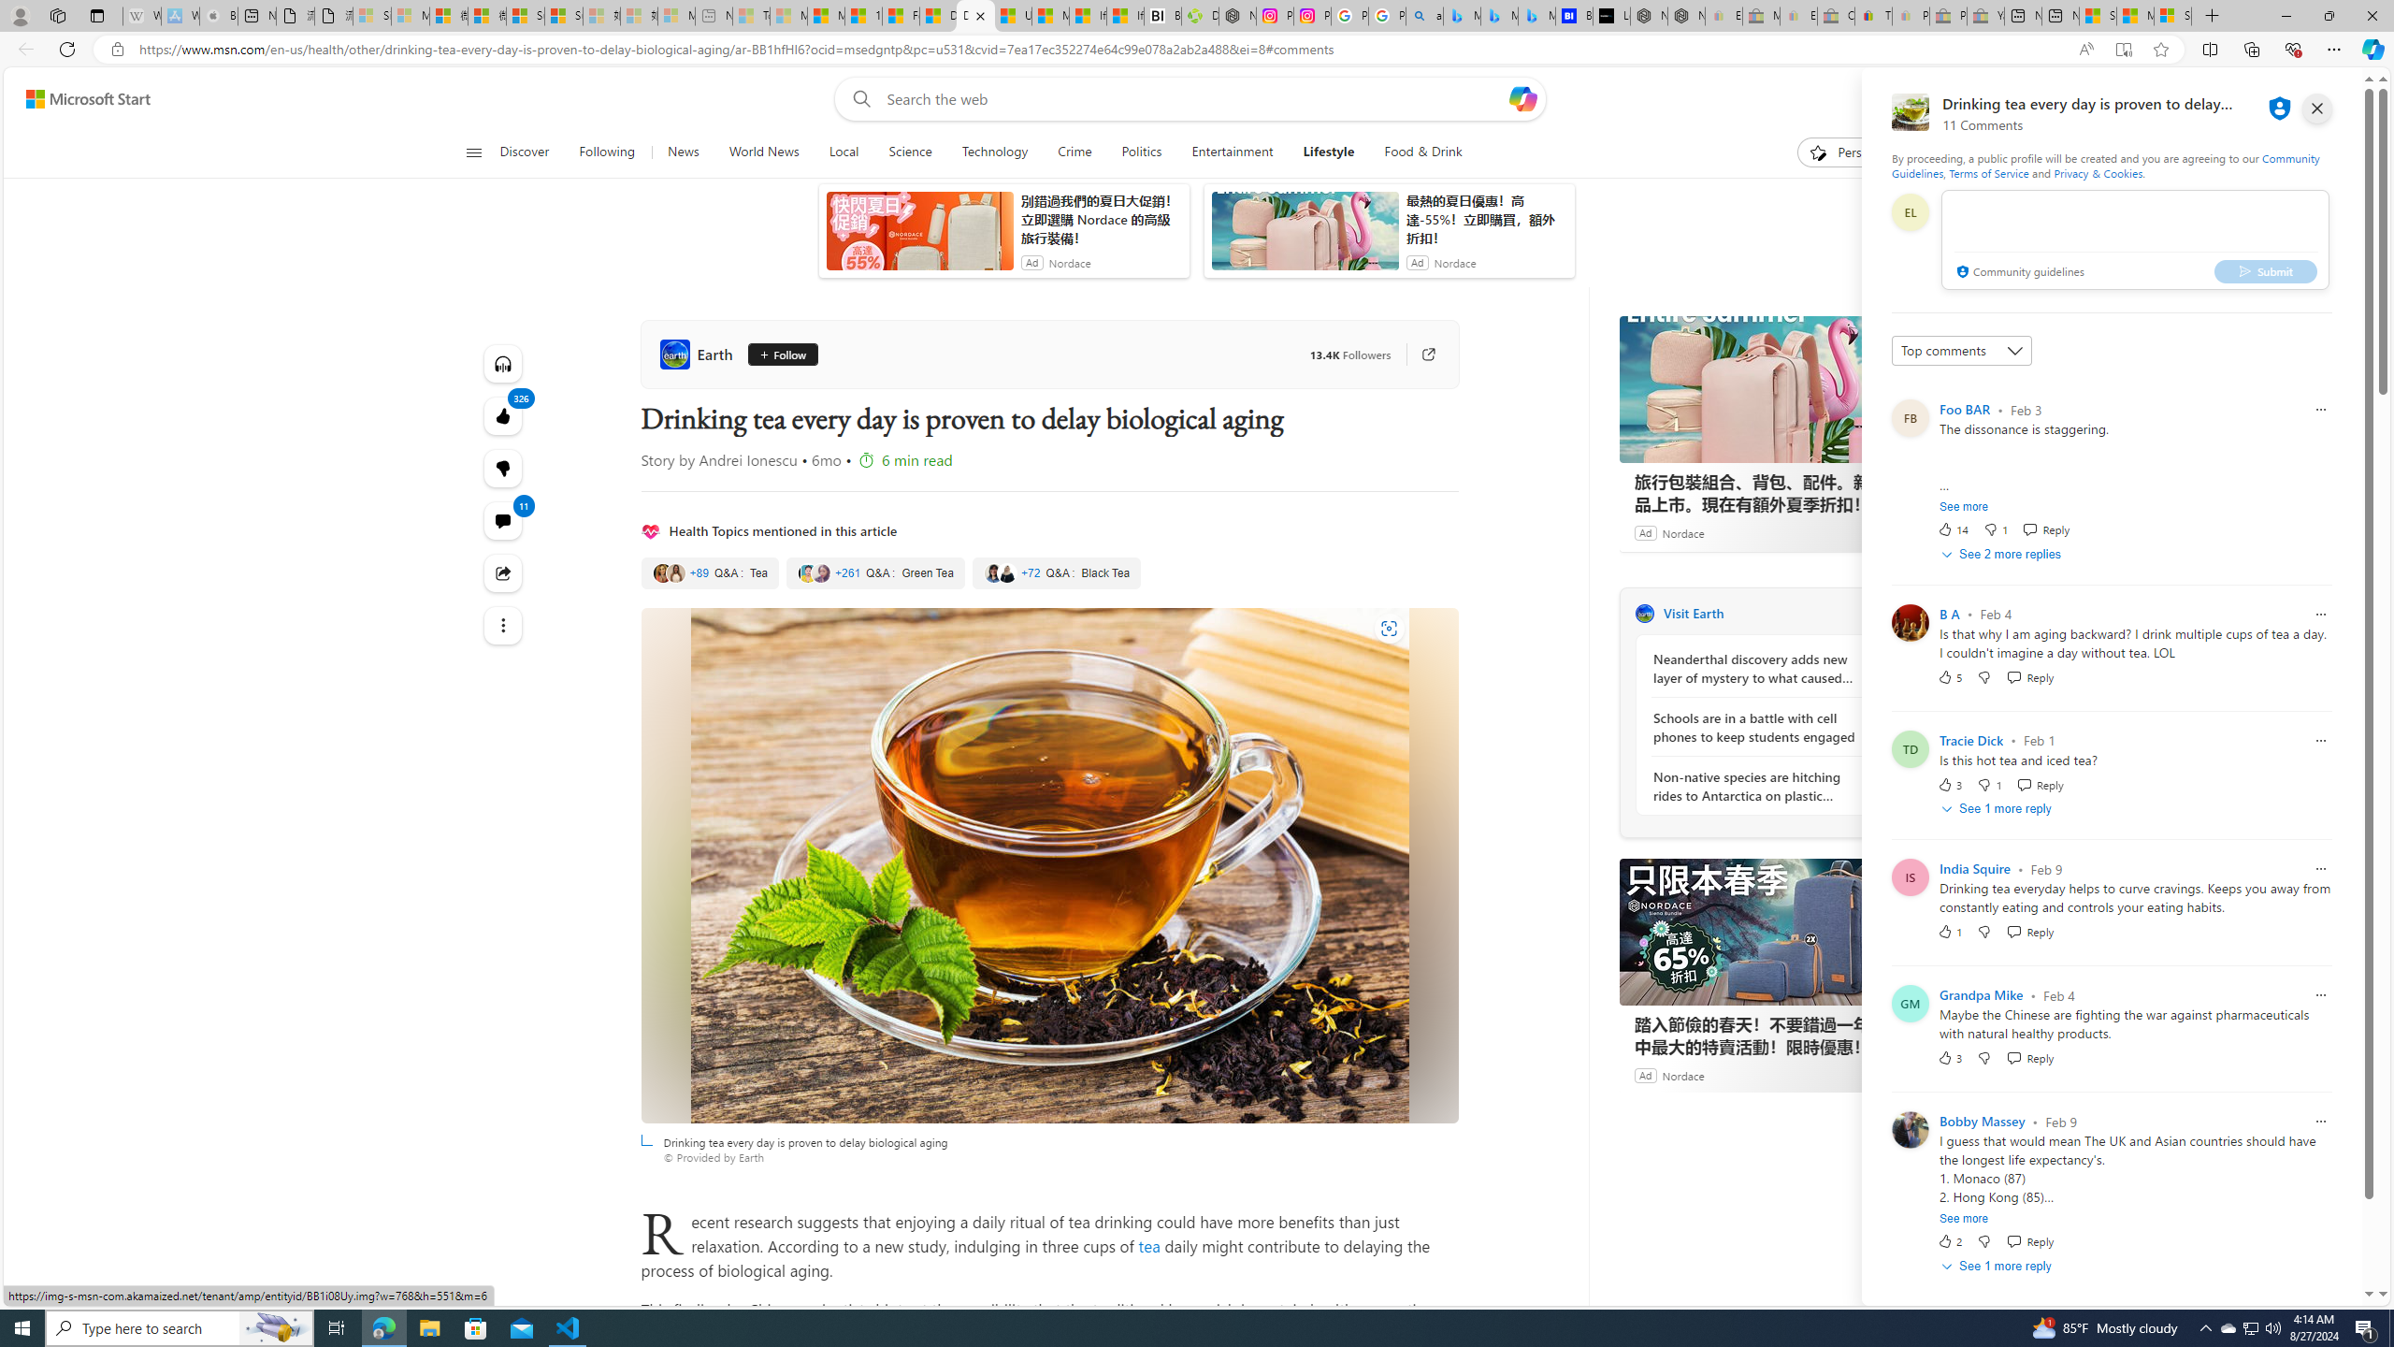  What do you see at coordinates (908, 152) in the screenshot?
I see `'Science'` at bounding box center [908, 152].